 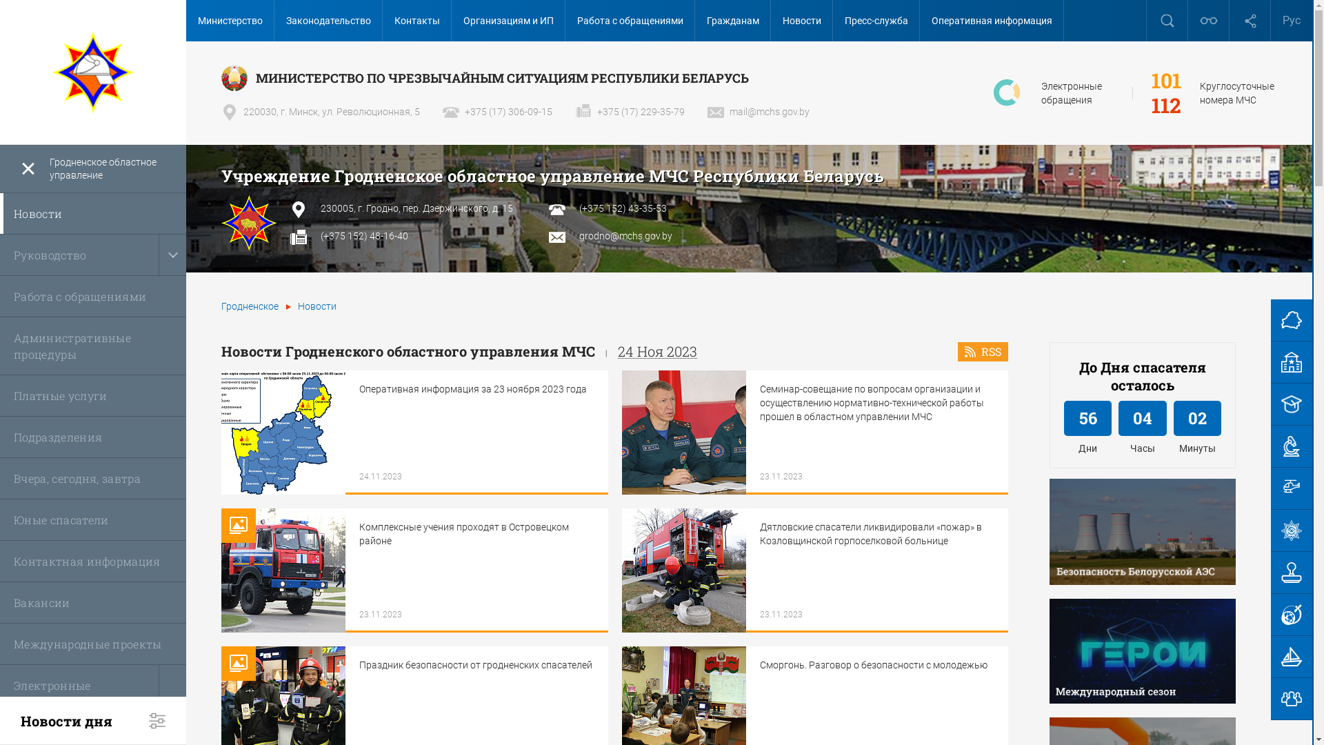 I want to click on '+375 (17) 306-09-15', so click(x=496, y=111).